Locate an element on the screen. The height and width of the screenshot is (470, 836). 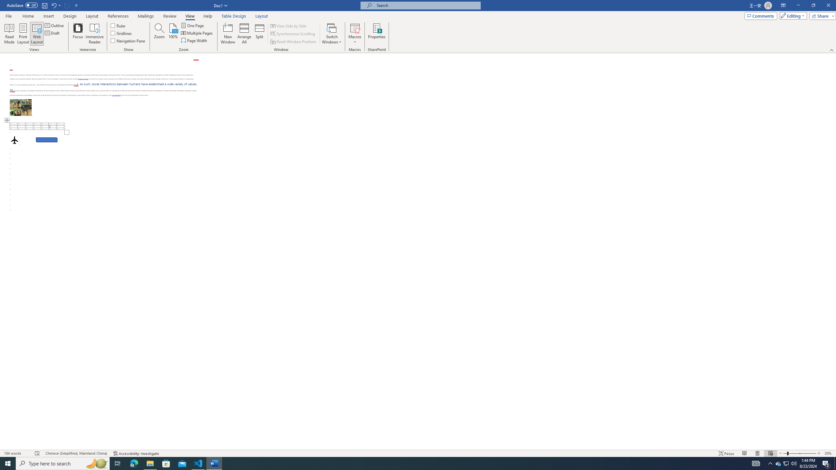
'More Options' is located at coordinates (354, 39).